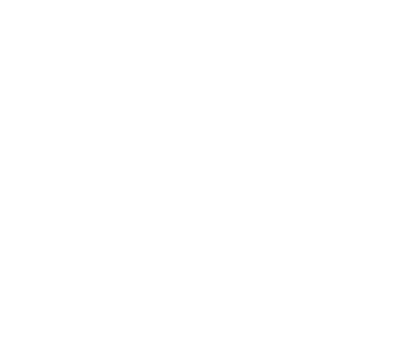 The height and width of the screenshot is (363, 415). I want to click on 'Yamaha Debuts New Studio Monitors with HS Series Updates', so click(353, 147).